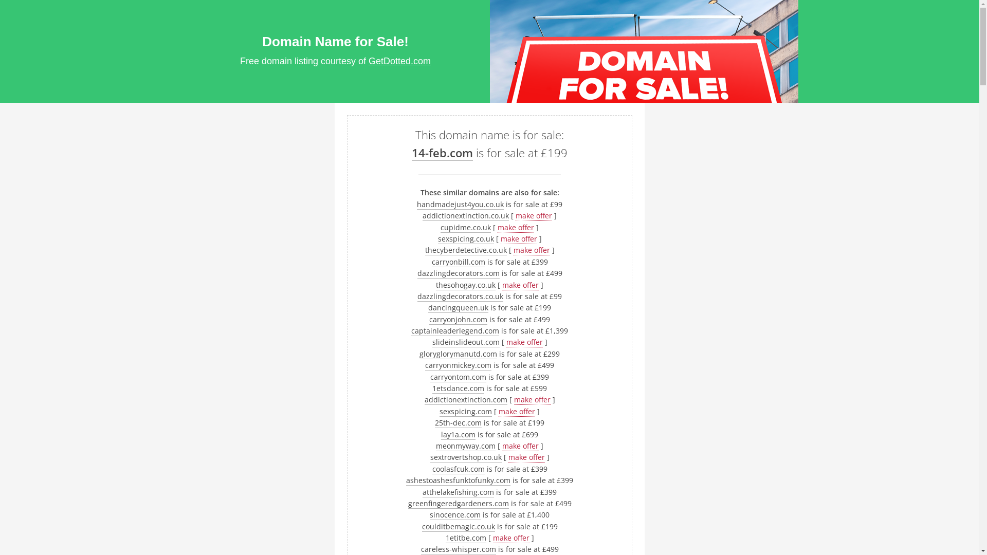  I want to click on '1etitbe.com', so click(465, 537).